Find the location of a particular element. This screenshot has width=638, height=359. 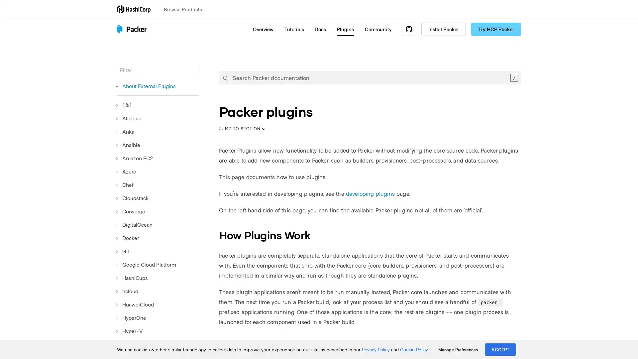

Alicloud is located at coordinates (129, 118).